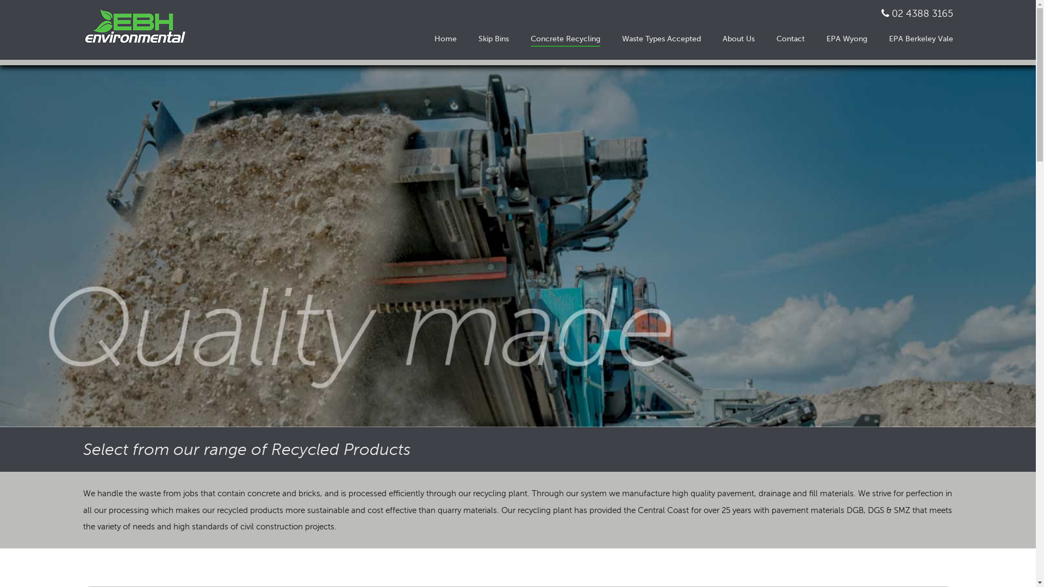 This screenshot has width=1044, height=587. Describe the element at coordinates (920, 38) in the screenshot. I see `'EPA Berkeley Vale'` at that location.